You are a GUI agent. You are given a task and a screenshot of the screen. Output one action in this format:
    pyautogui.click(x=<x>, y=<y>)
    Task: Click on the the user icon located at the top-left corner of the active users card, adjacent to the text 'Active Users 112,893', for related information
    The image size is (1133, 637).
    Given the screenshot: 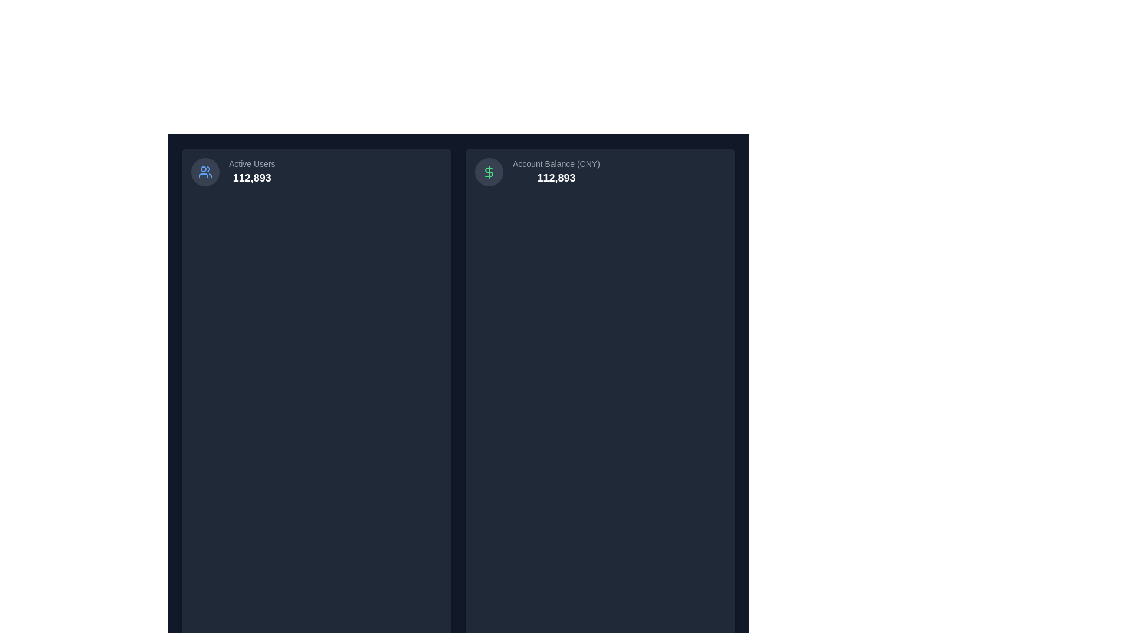 What is the action you would take?
    pyautogui.click(x=205, y=172)
    